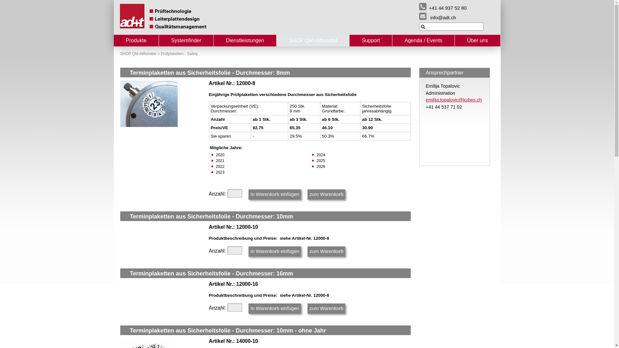 The width and height of the screenshot is (619, 348). Describe the element at coordinates (437, 16) in the screenshot. I see `'info@adt.ch'` at that location.